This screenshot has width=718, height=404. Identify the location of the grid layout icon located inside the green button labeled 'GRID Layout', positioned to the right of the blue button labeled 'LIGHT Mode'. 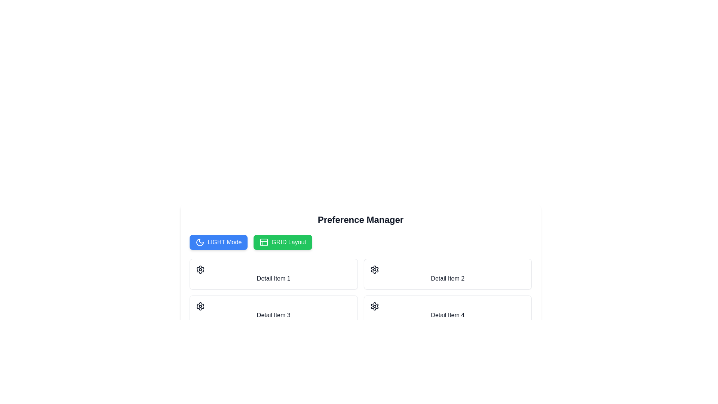
(264, 242).